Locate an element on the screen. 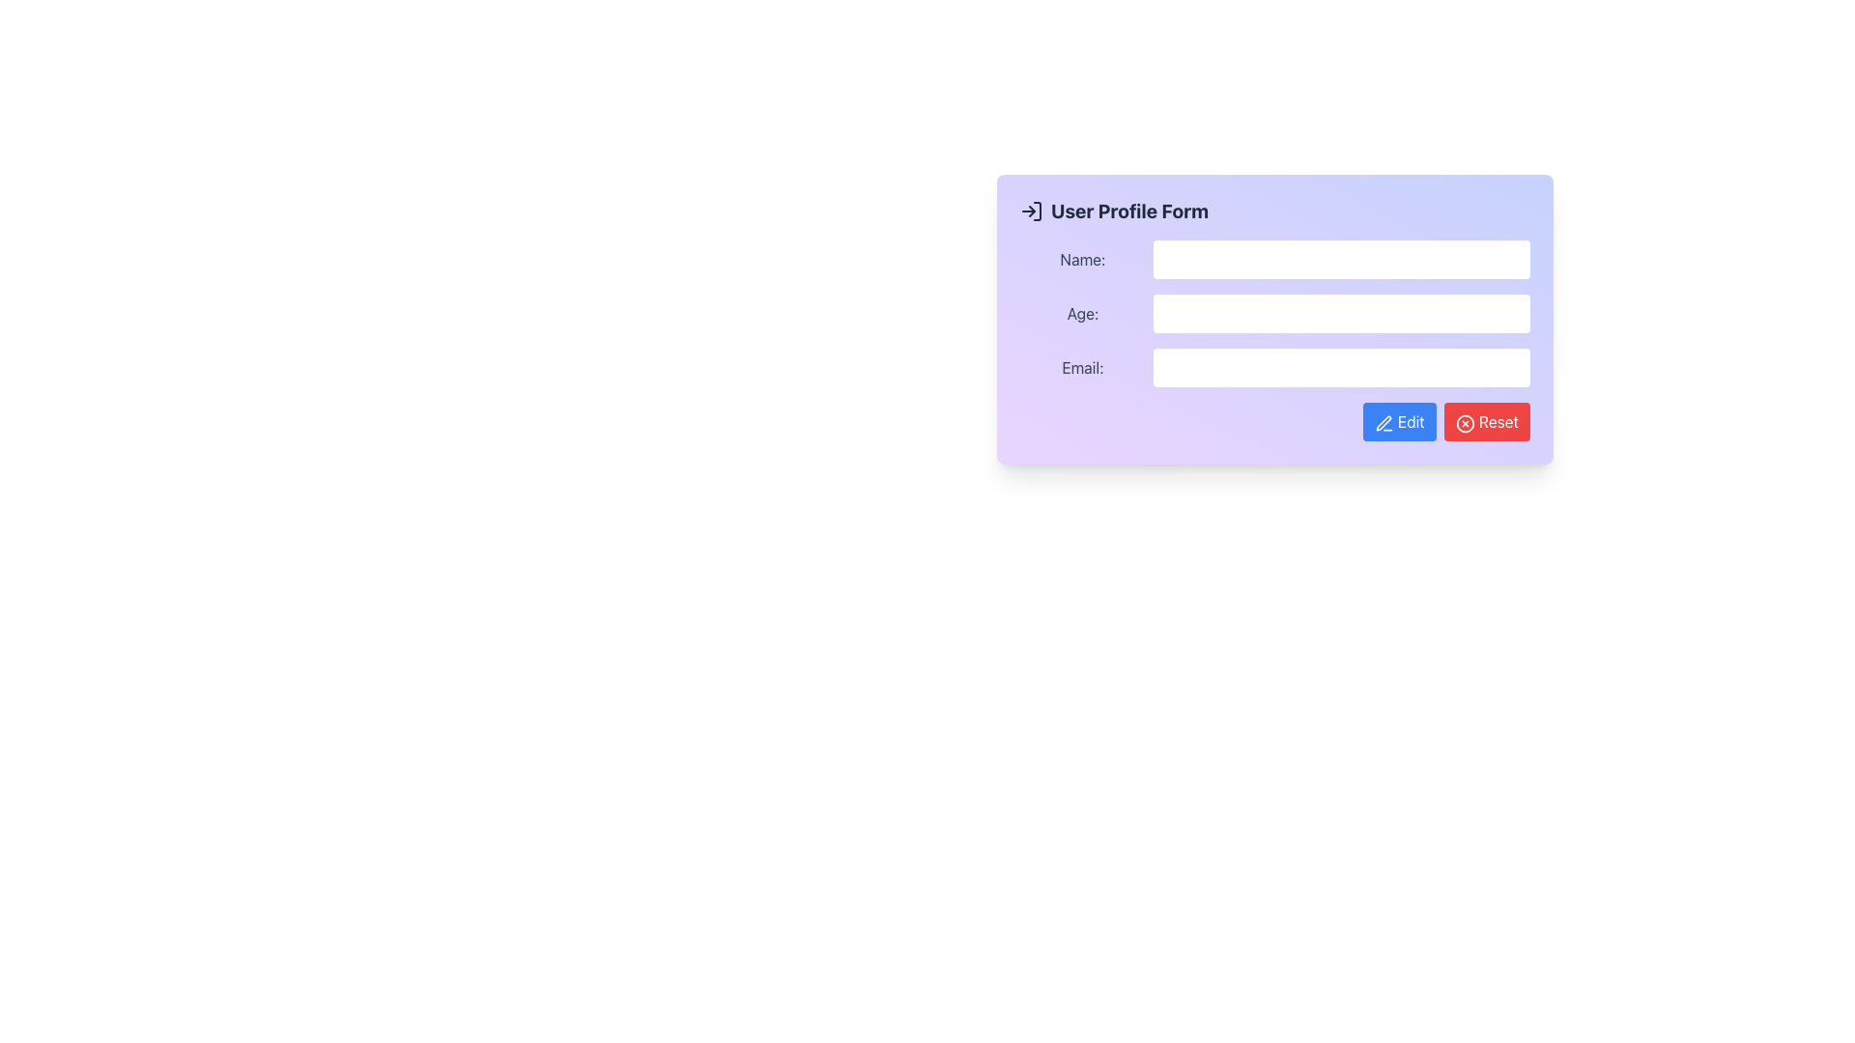 This screenshot has height=1043, width=1855. the label element that provides context for the adjacent numeric input field for age in the user profile form is located at coordinates (1082, 312).